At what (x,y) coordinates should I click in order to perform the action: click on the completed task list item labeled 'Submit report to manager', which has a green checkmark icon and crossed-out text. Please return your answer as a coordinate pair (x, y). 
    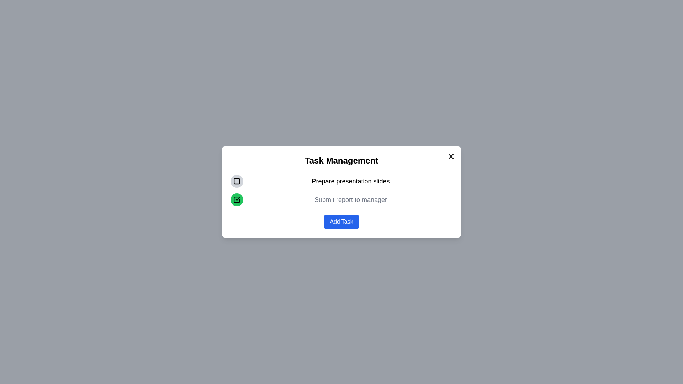
    Looking at the image, I should click on (341, 200).